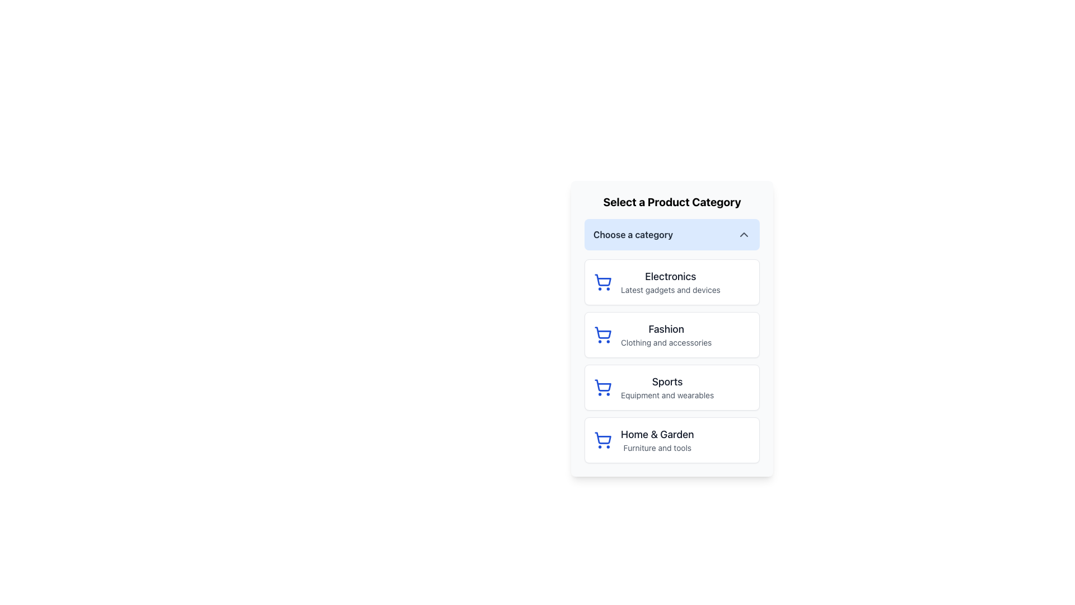 The height and width of the screenshot is (605, 1075). I want to click on the chevron-up icon, a minimalistic SVG graphic styled in gray, located on the far-right side of the 'Choose a category' text, so click(744, 234).